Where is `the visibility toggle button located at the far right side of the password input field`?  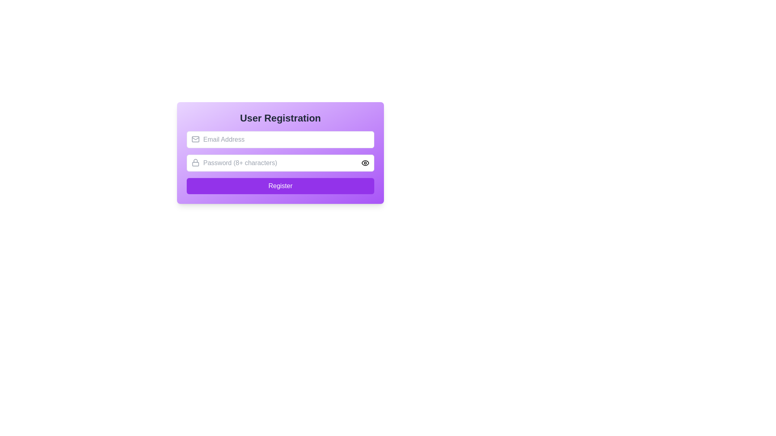 the visibility toggle button located at the far right side of the password input field is located at coordinates (365, 163).